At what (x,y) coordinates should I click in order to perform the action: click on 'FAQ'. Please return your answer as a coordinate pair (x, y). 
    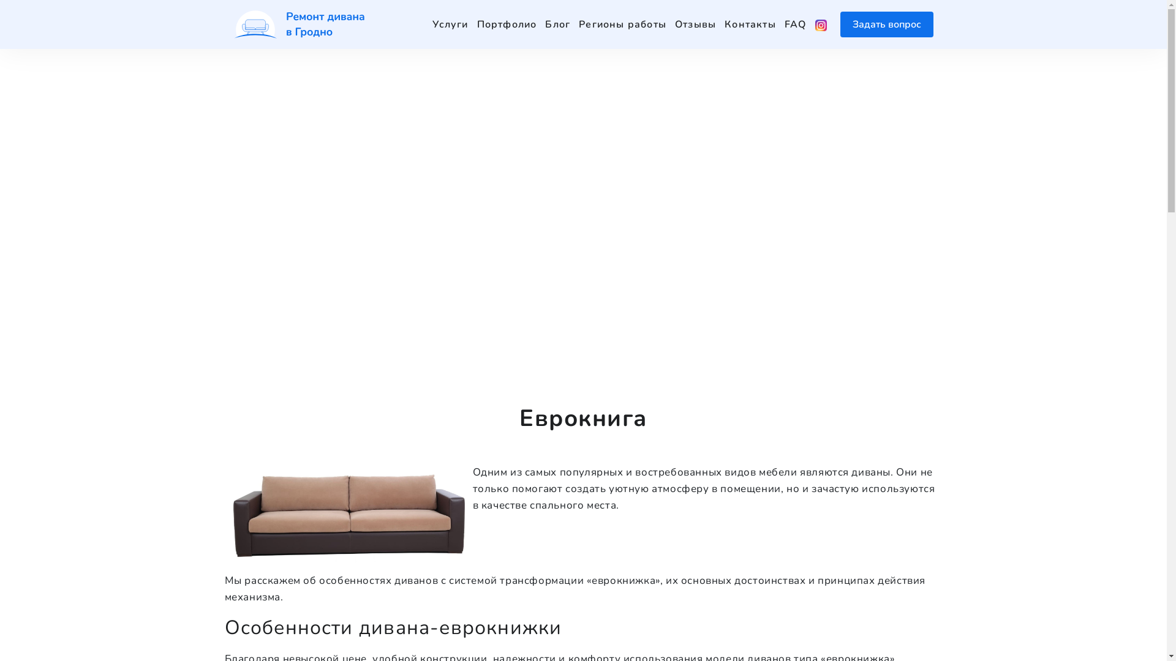
    Looking at the image, I should click on (796, 24).